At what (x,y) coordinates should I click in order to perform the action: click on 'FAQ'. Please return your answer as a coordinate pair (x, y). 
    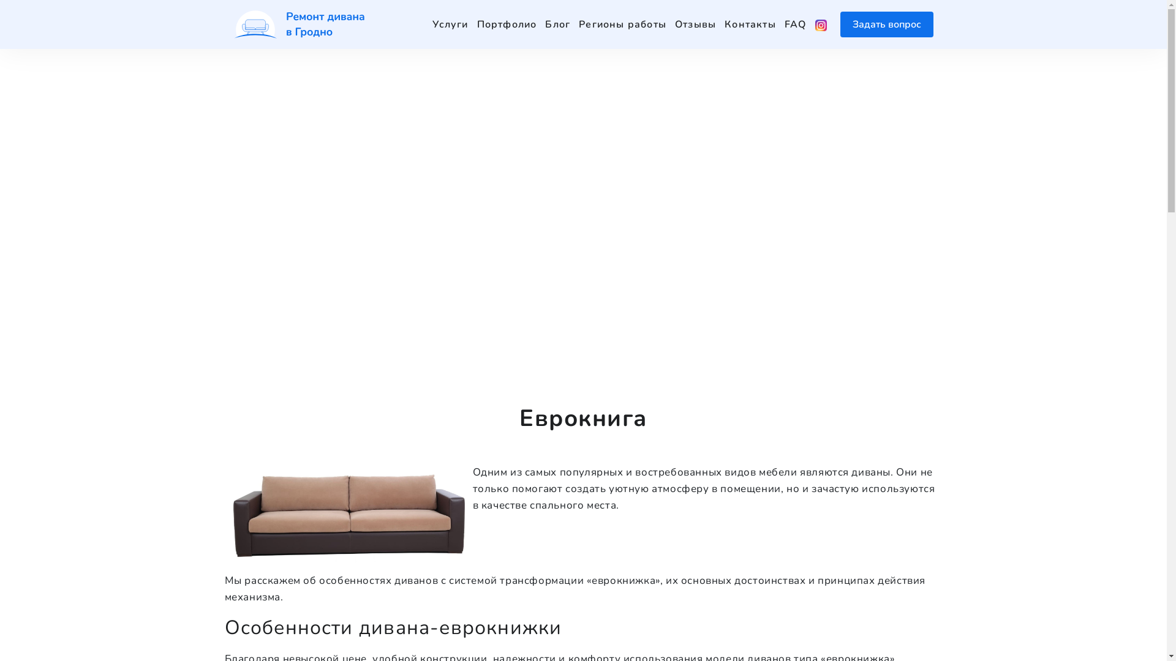
    Looking at the image, I should click on (796, 24).